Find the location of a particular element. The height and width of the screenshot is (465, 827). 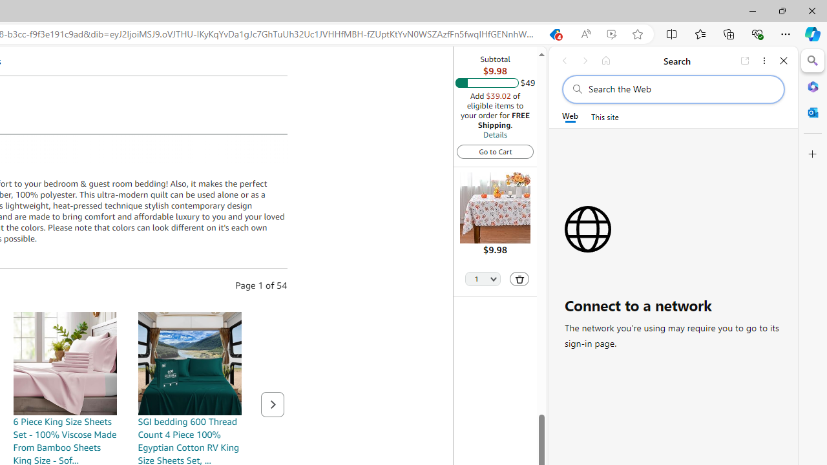

'Search the web' is located at coordinates (679, 88).